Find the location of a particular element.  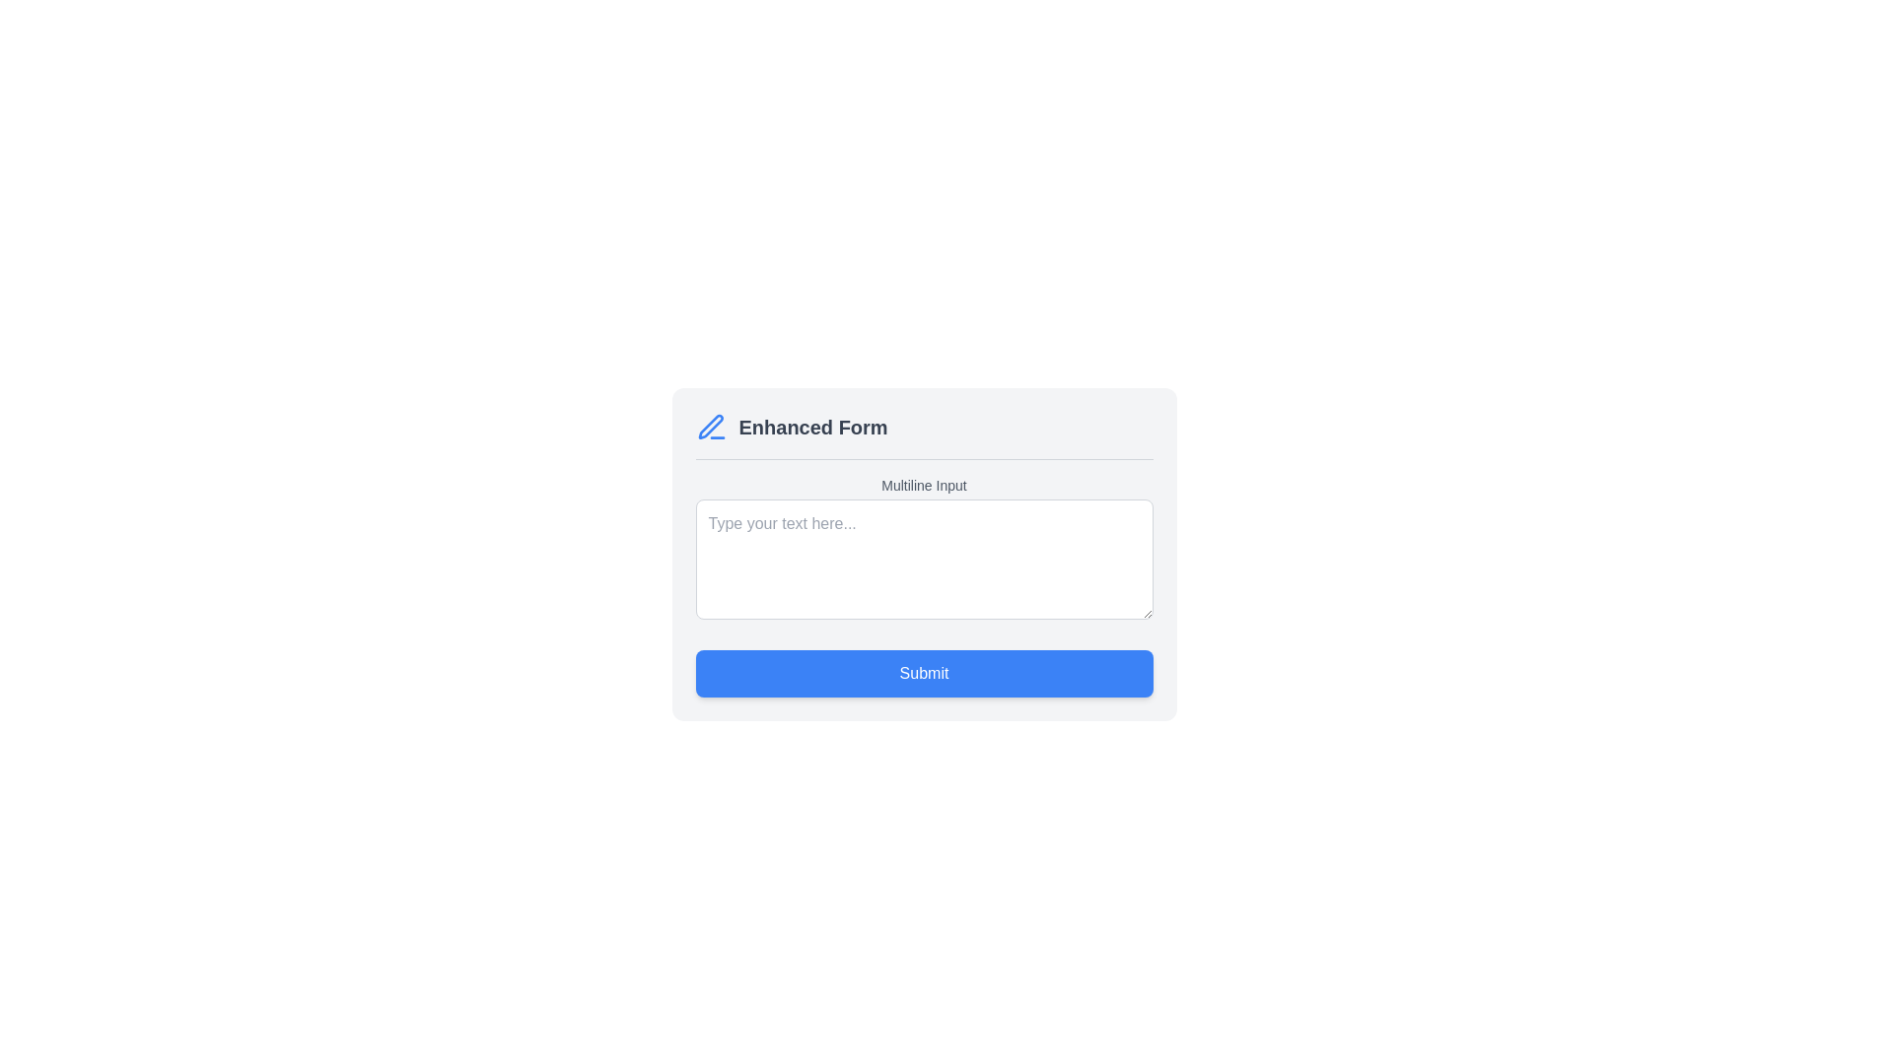

the blue pen icon located to the left of the 'Enhanced Form' text in the header section of the form is located at coordinates (710, 427).